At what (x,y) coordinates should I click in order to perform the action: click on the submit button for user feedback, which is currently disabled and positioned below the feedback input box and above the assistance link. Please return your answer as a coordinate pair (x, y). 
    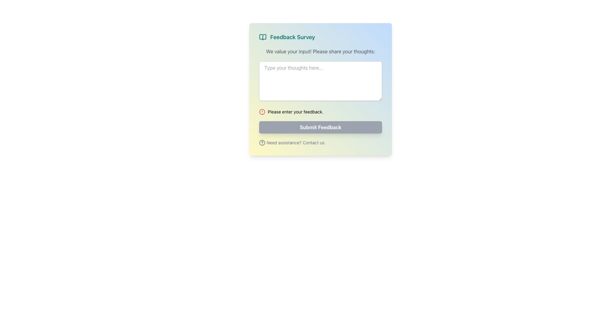
    Looking at the image, I should click on (320, 127).